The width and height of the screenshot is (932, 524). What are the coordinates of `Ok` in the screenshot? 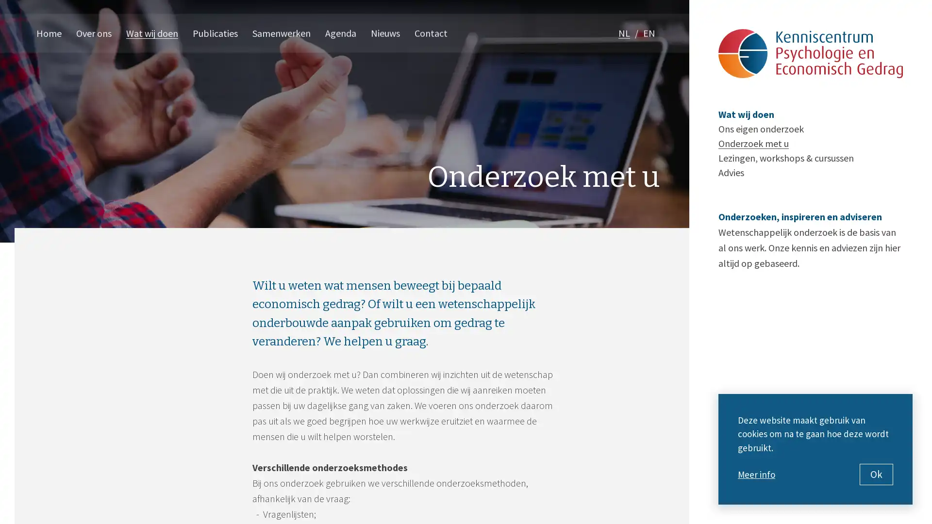 It's located at (876, 474).